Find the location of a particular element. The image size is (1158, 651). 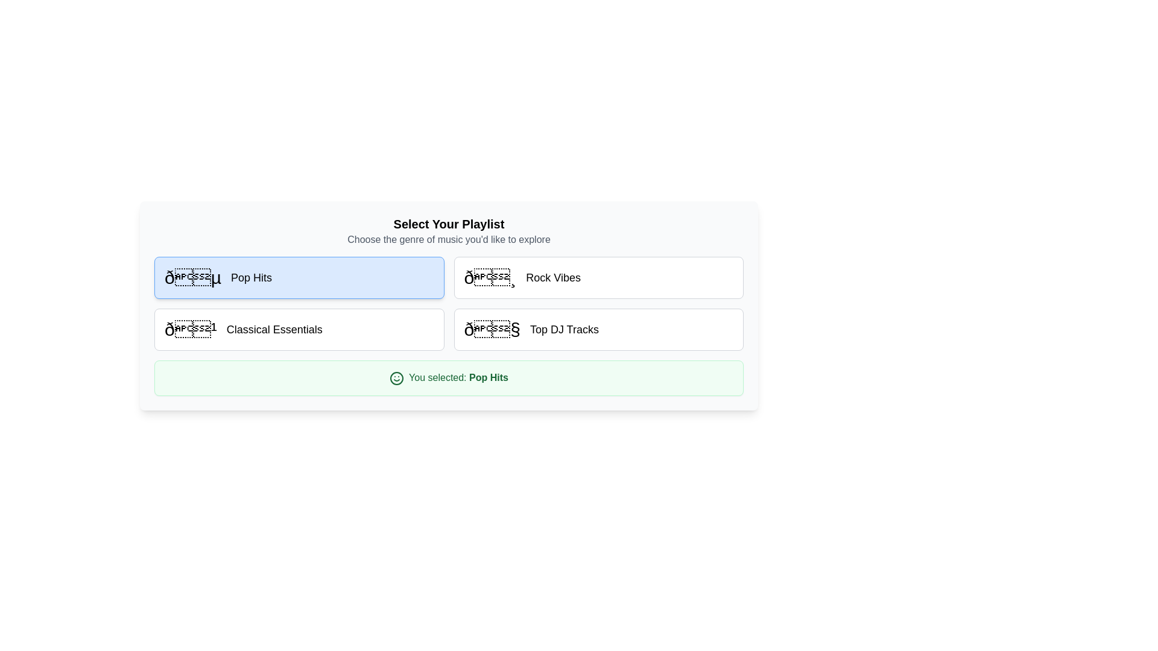

the 'Rock Vibes' playlist selection button located in the top-right corner of the grid layout is located at coordinates (598, 278).